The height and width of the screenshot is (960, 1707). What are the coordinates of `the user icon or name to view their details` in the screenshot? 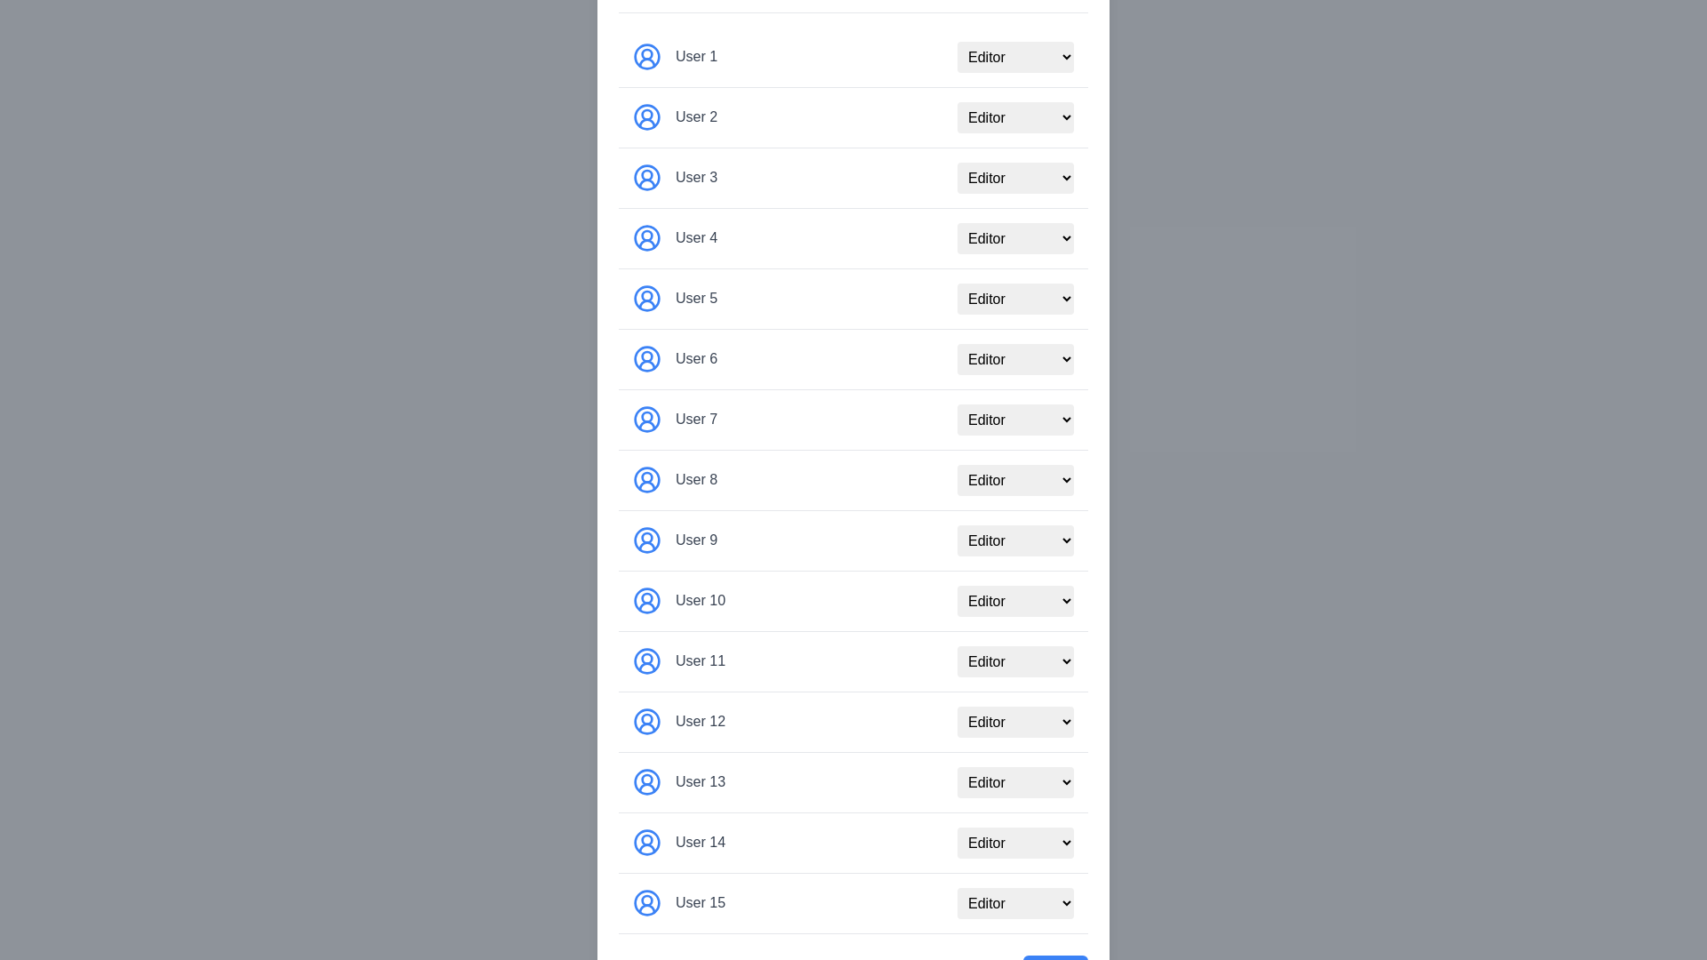 It's located at (646, 56).